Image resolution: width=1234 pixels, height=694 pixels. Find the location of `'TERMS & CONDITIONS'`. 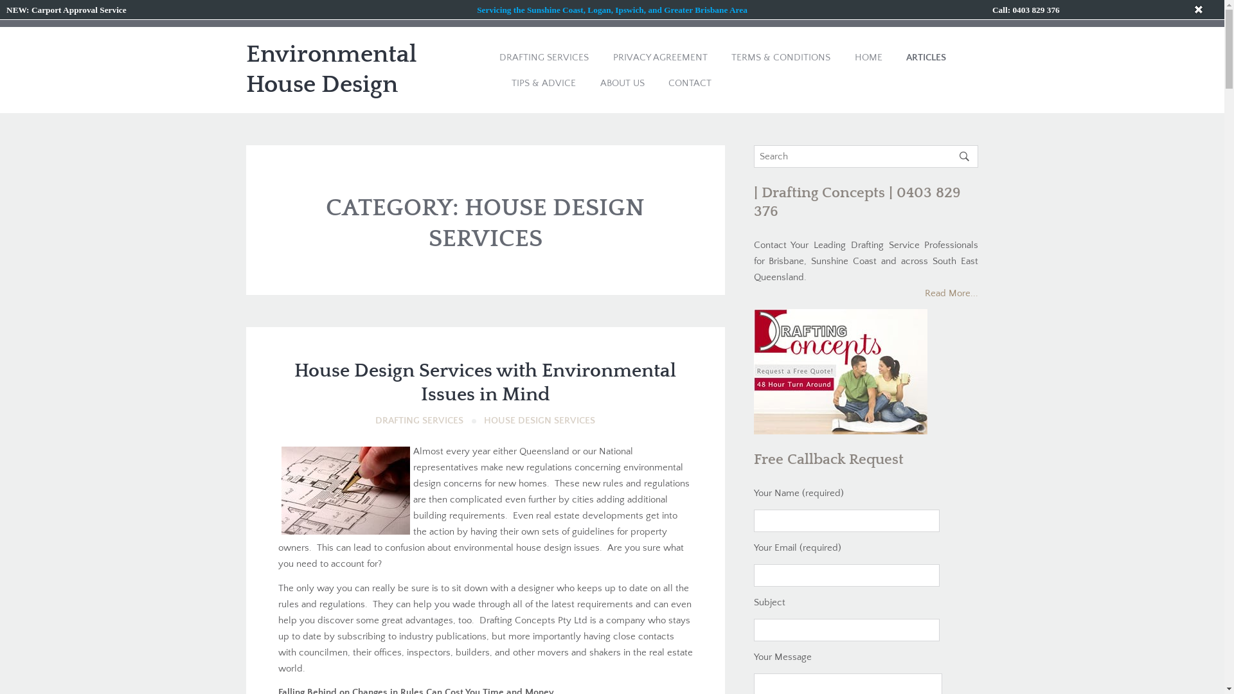

'TERMS & CONDITIONS' is located at coordinates (780, 56).